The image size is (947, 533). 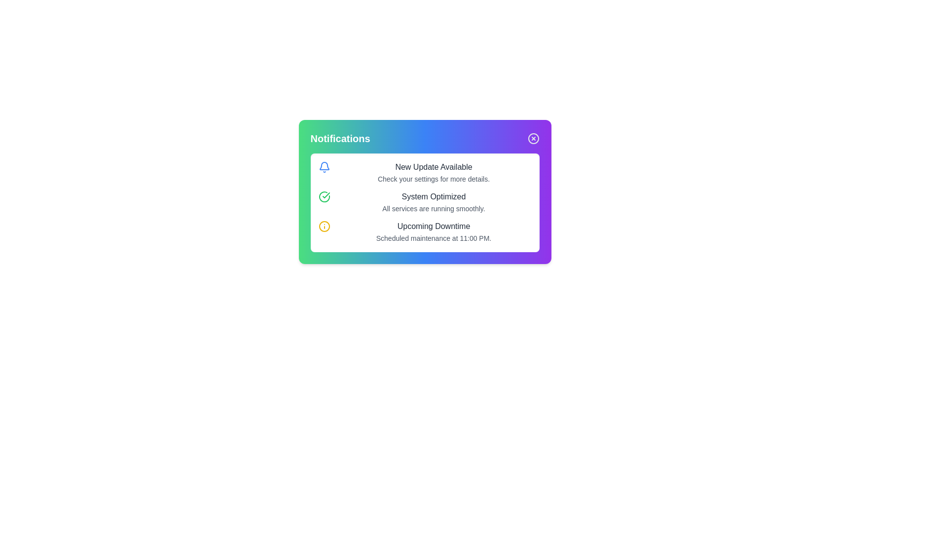 What do you see at coordinates (425, 173) in the screenshot?
I see `the first notification entry that informs the user about a new update, located at the top of the notifications list` at bounding box center [425, 173].